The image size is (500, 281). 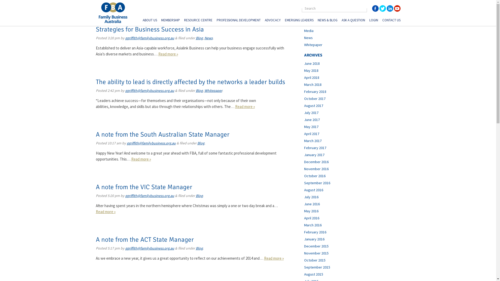 I want to click on 'NEWS & BLOG', so click(x=317, y=21).